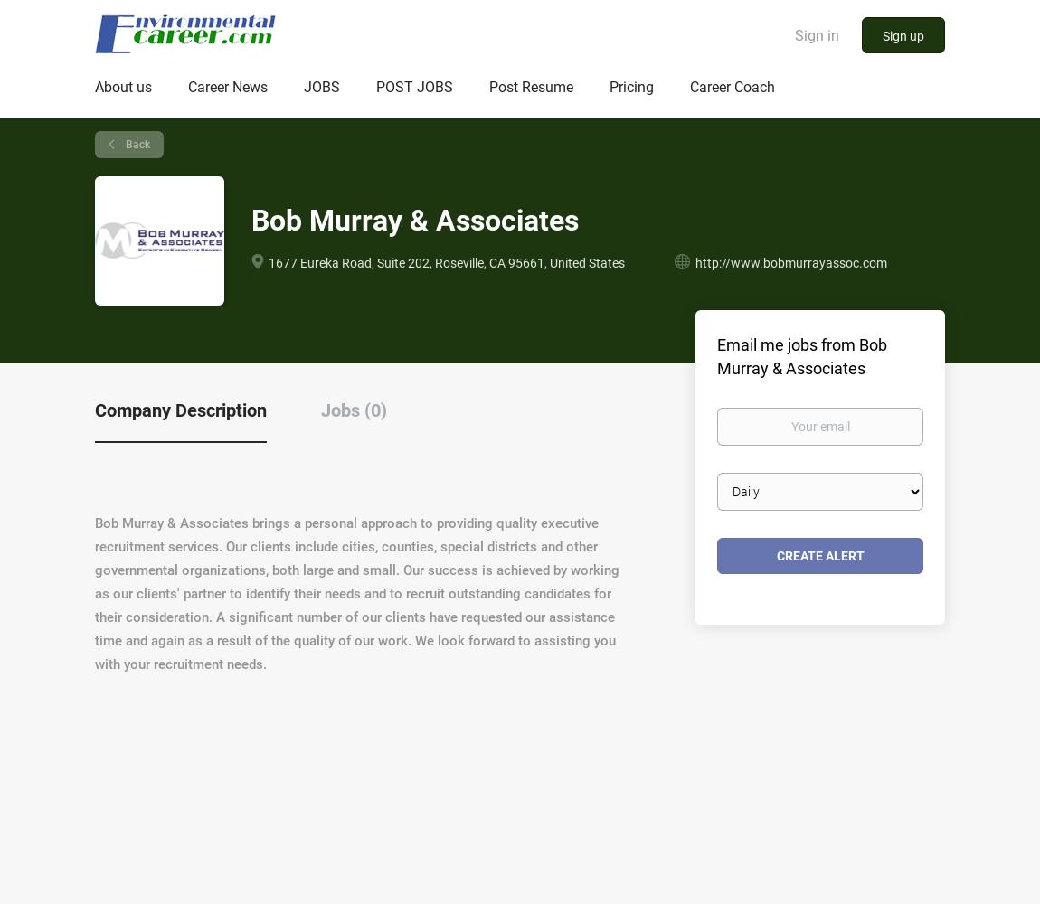 This screenshot has width=1040, height=904. Describe the element at coordinates (791, 263) in the screenshot. I see `'http://www.bobmurrayassoc.com'` at that location.